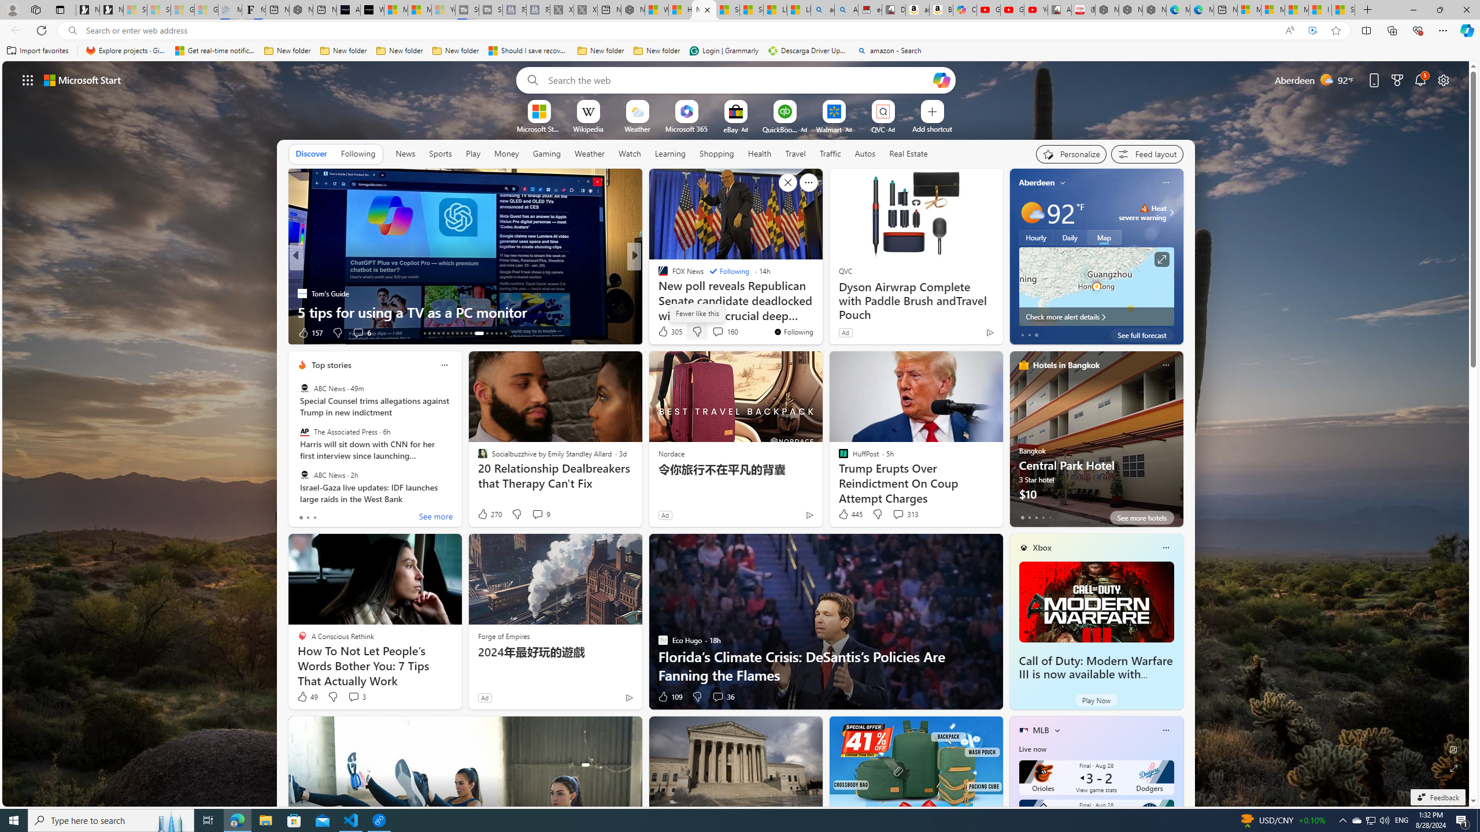 The image size is (1480, 832). I want to click on 'Travel', so click(795, 153).